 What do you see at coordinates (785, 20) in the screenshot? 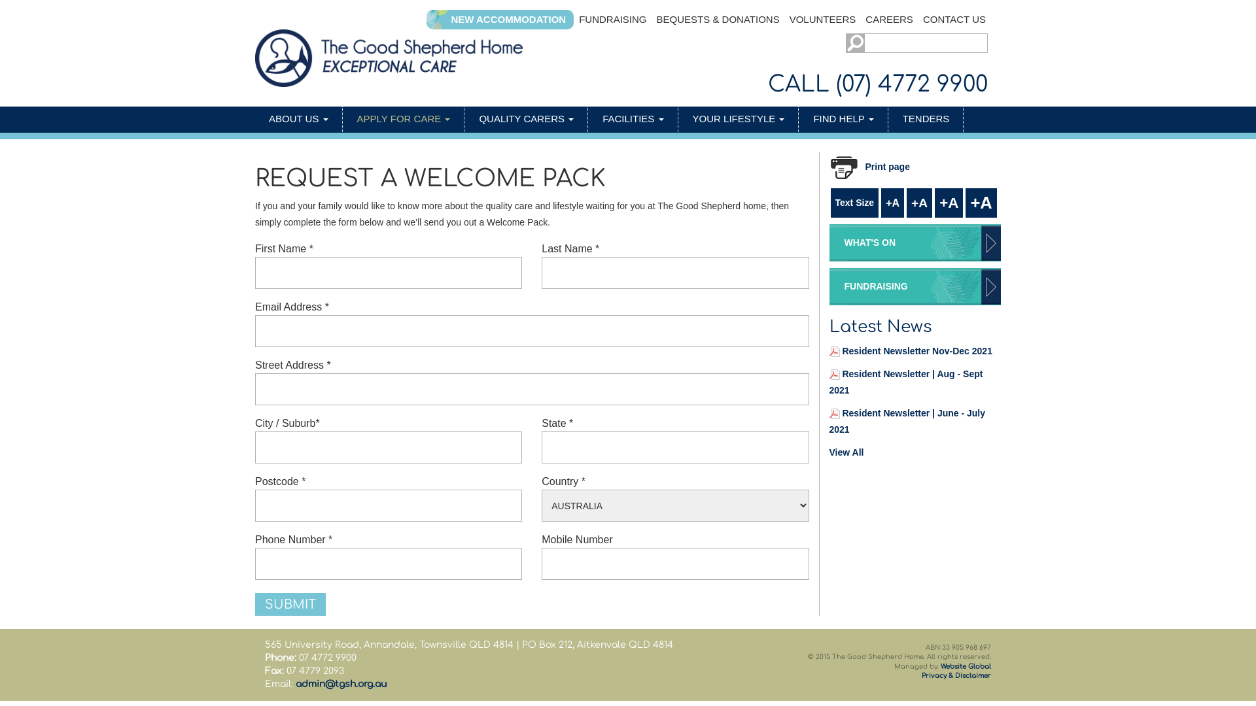
I see `'VOLUNTEERS'` at bounding box center [785, 20].